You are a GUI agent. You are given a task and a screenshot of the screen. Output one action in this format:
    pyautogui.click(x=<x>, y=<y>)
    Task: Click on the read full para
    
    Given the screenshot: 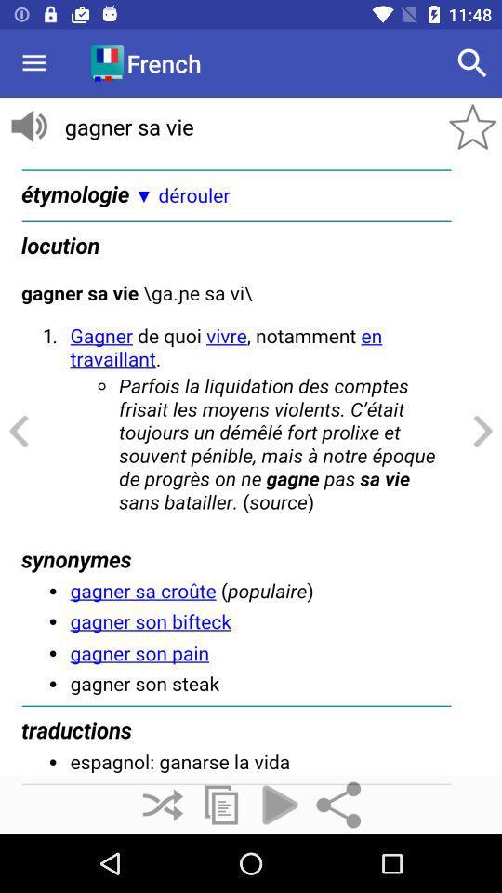 What is the action you would take?
    pyautogui.click(x=251, y=465)
    